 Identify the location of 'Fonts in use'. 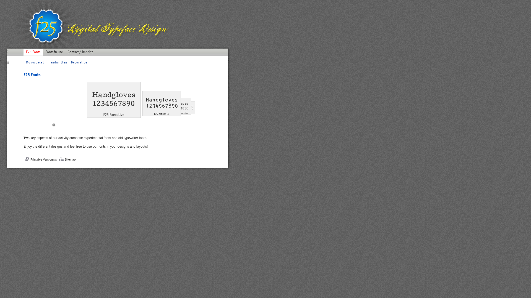
(54, 54).